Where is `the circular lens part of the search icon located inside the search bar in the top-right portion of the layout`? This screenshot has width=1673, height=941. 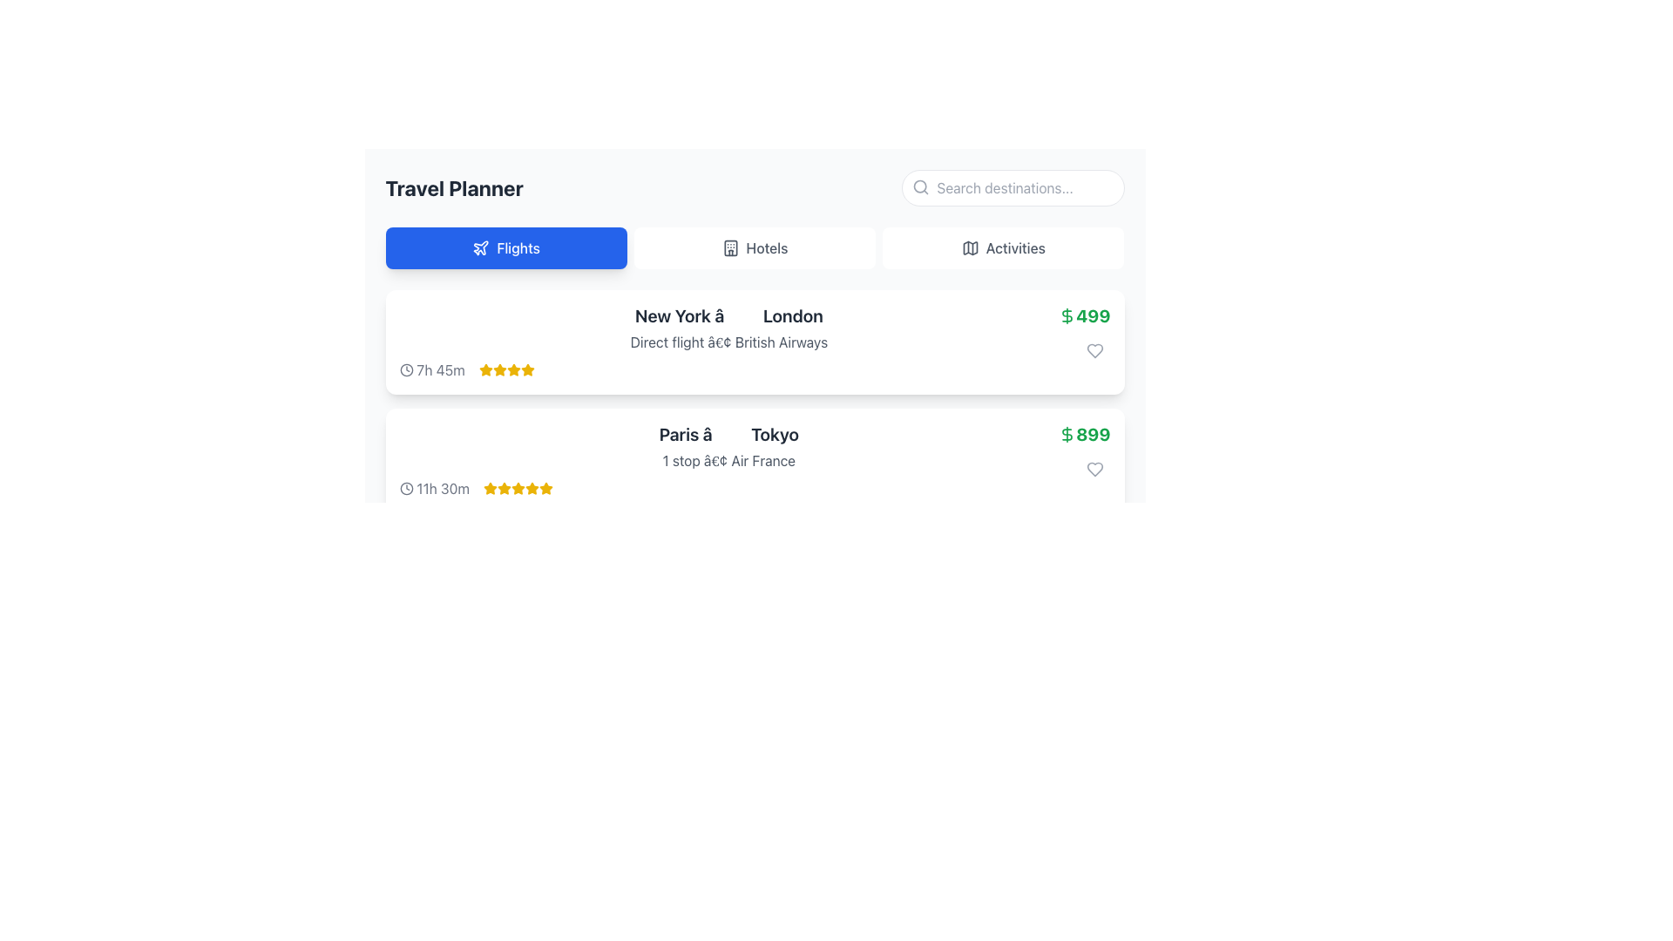
the circular lens part of the search icon located inside the search bar in the top-right portion of the layout is located at coordinates (918, 186).